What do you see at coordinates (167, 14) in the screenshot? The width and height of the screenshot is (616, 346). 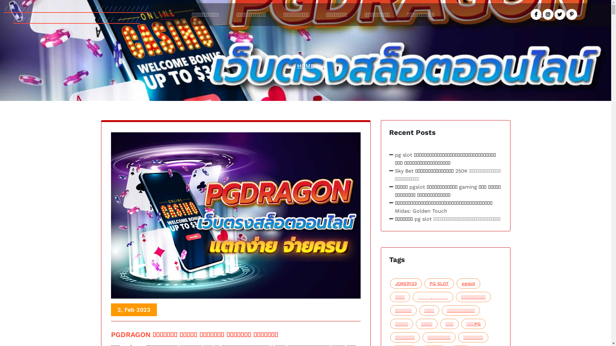 I see `'Home'` at bounding box center [167, 14].